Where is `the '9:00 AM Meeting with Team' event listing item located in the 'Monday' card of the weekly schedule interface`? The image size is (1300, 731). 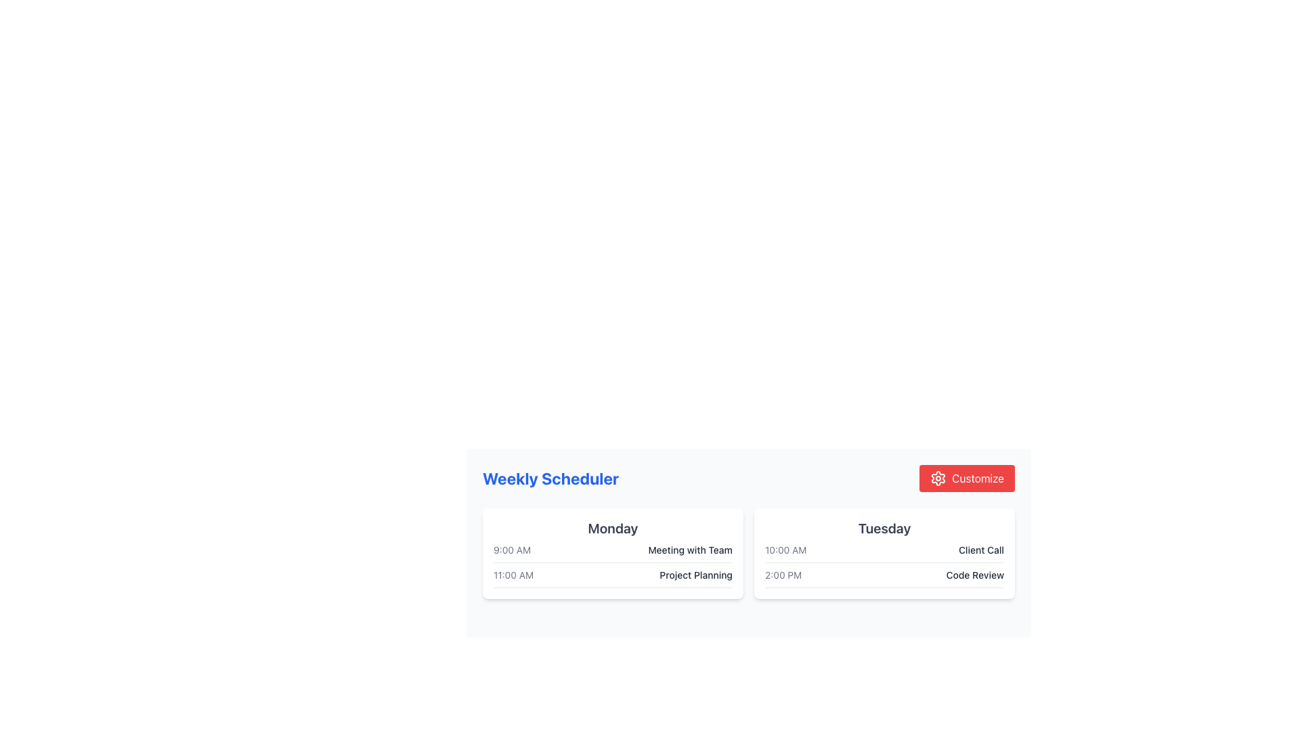
the '9:00 AM Meeting with Team' event listing item located in the 'Monday' card of the weekly schedule interface is located at coordinates (612, 550).